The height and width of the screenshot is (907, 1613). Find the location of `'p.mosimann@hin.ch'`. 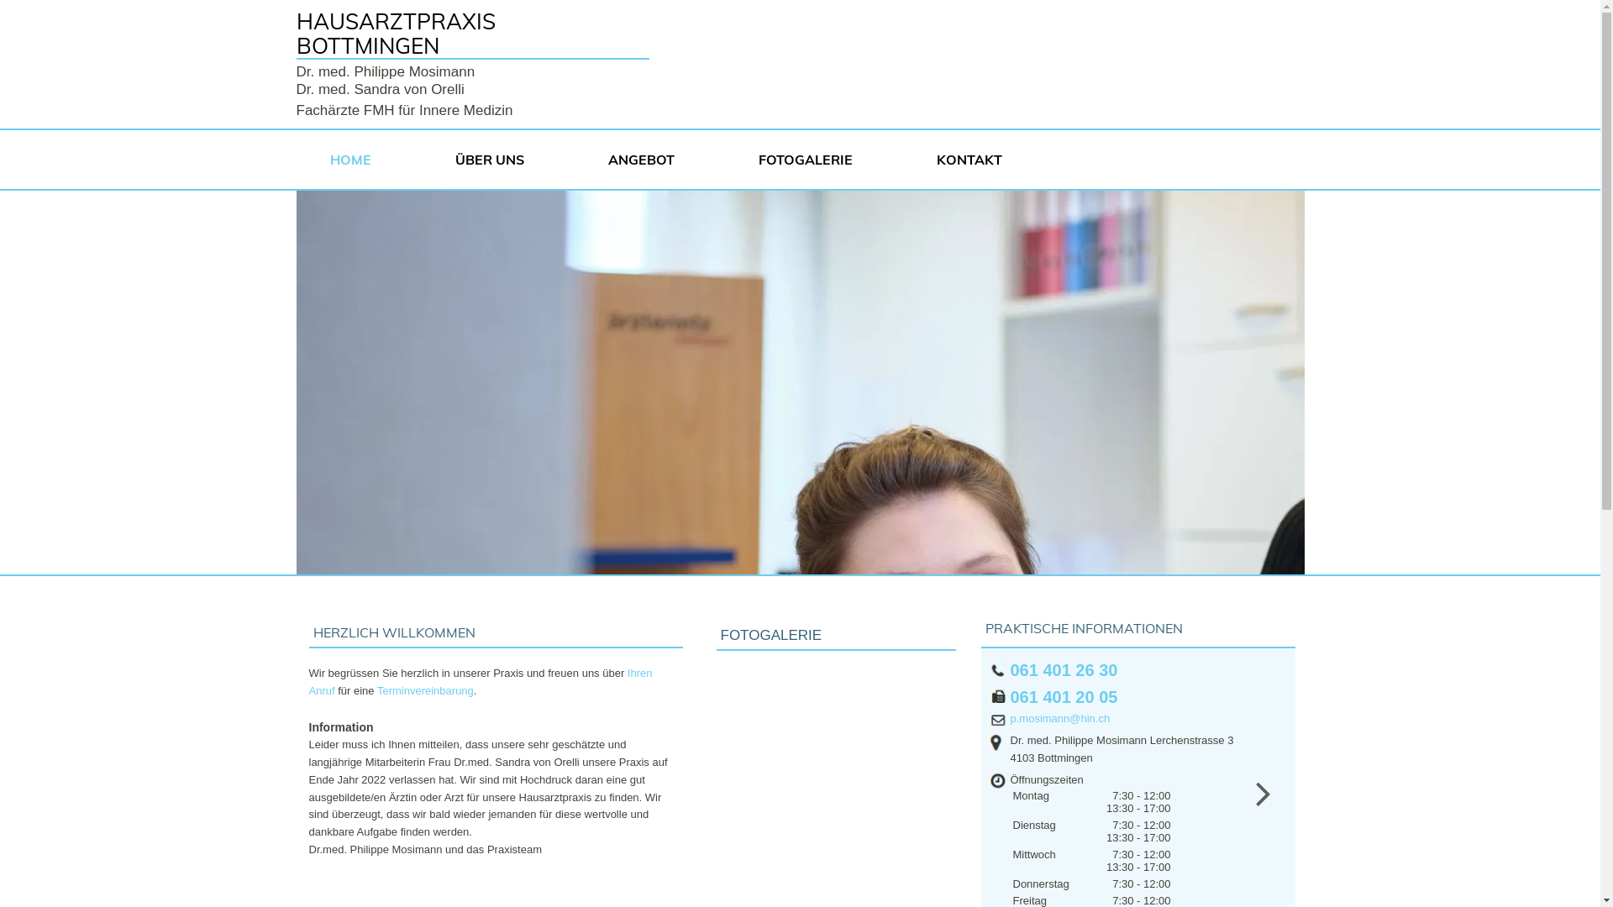

'p.mosimann@hin.ch' is located at coordinates (1059, 718).